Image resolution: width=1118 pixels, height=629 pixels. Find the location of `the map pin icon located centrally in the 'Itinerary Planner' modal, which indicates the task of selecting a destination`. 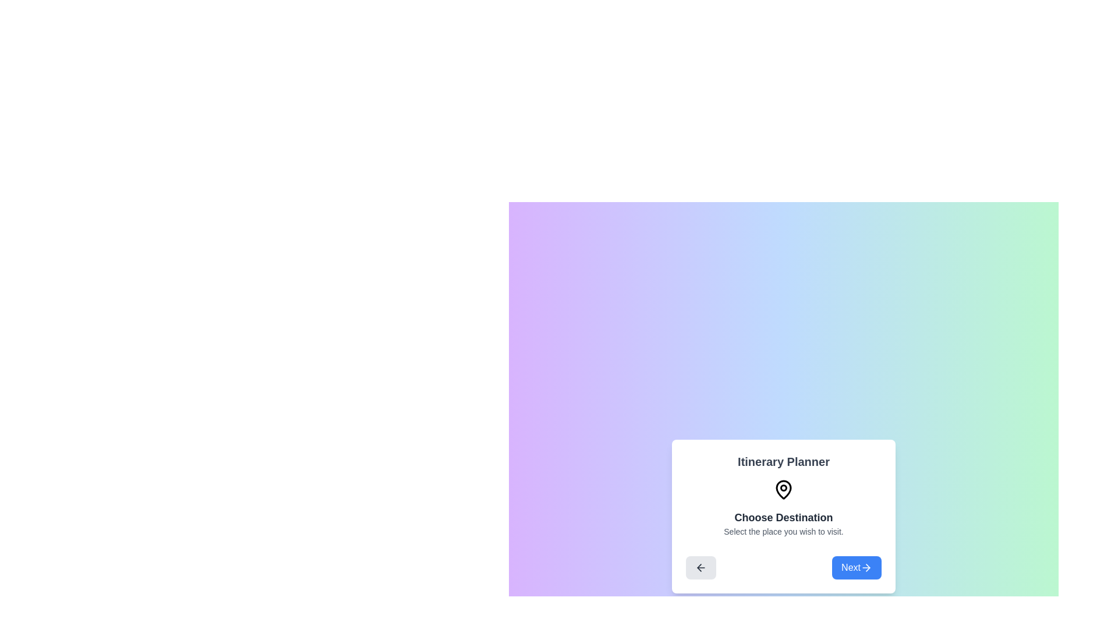

the map pin icon located centrally in the 'Itinerary Planner' modal, which indicates the task of selecting a destination is located at coordinates (783, 489).